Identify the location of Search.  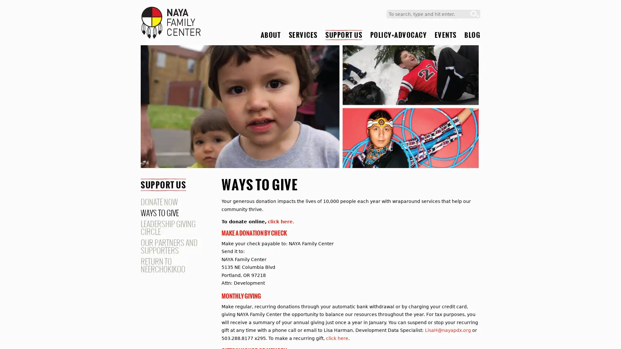
(474, 14).